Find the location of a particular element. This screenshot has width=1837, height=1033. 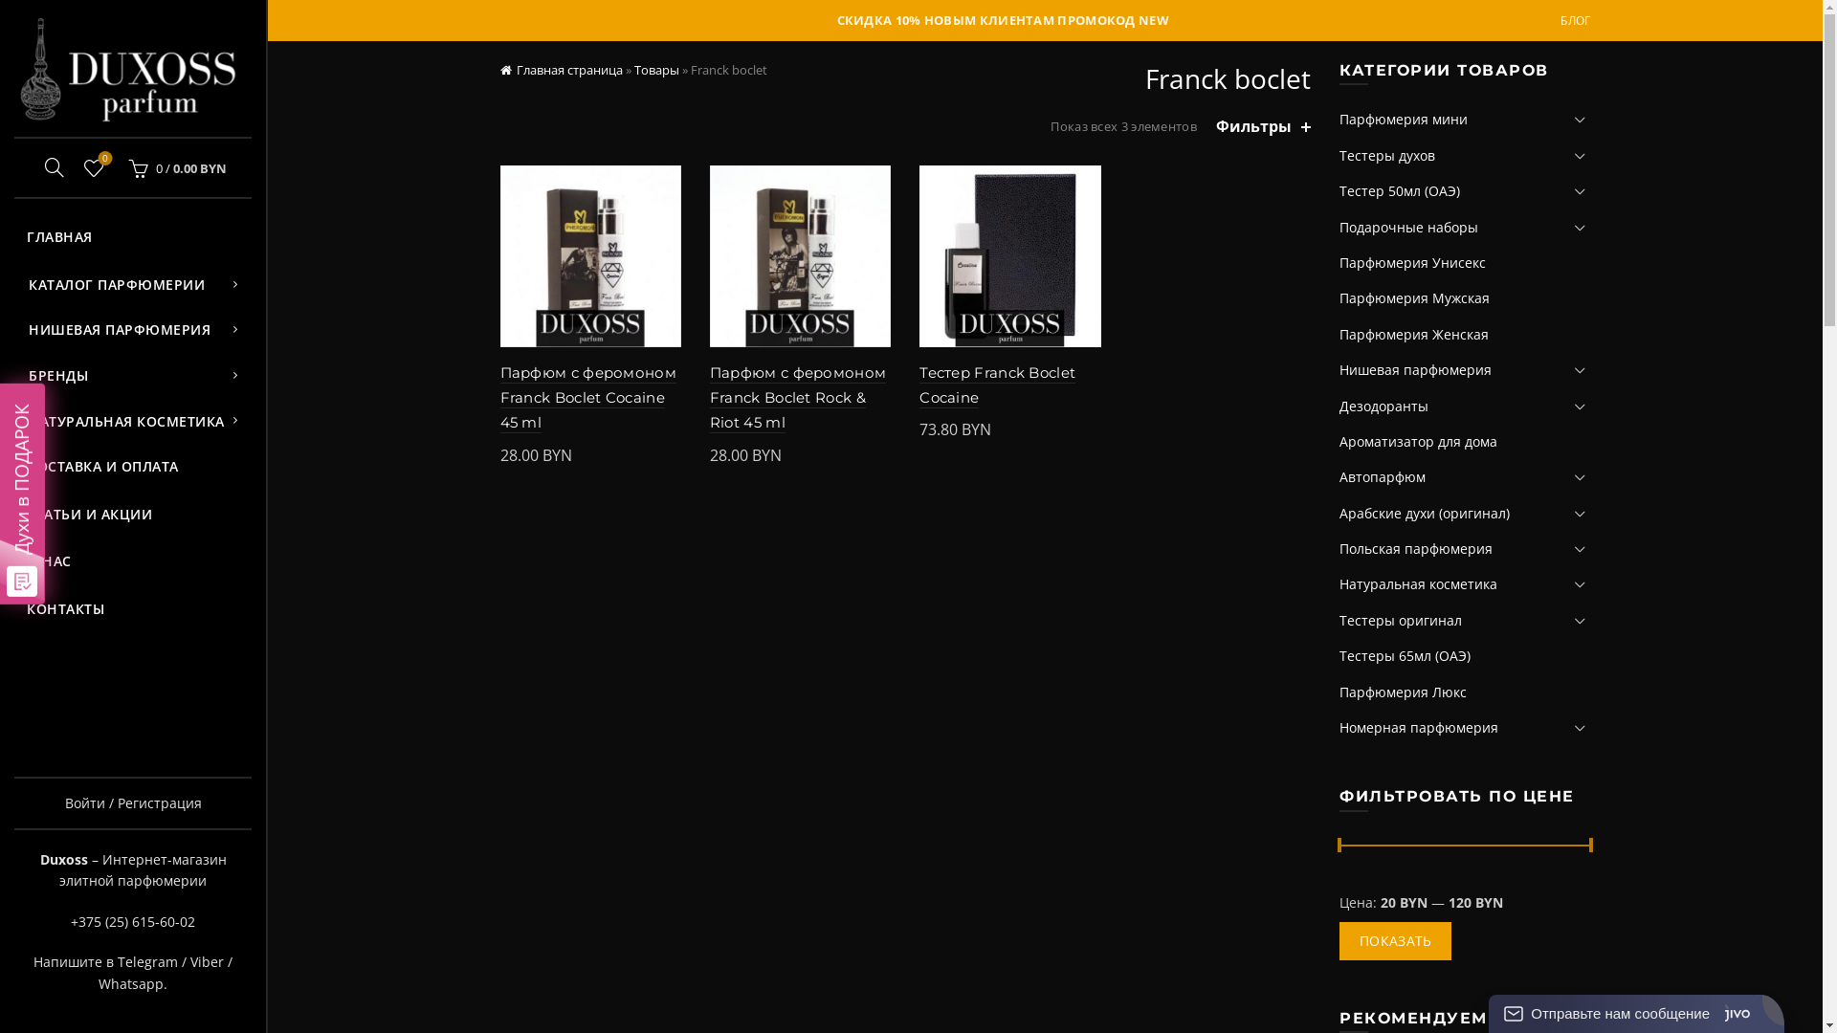

'+375 (25) 615-60-02' is located at coordinates (132, 920).